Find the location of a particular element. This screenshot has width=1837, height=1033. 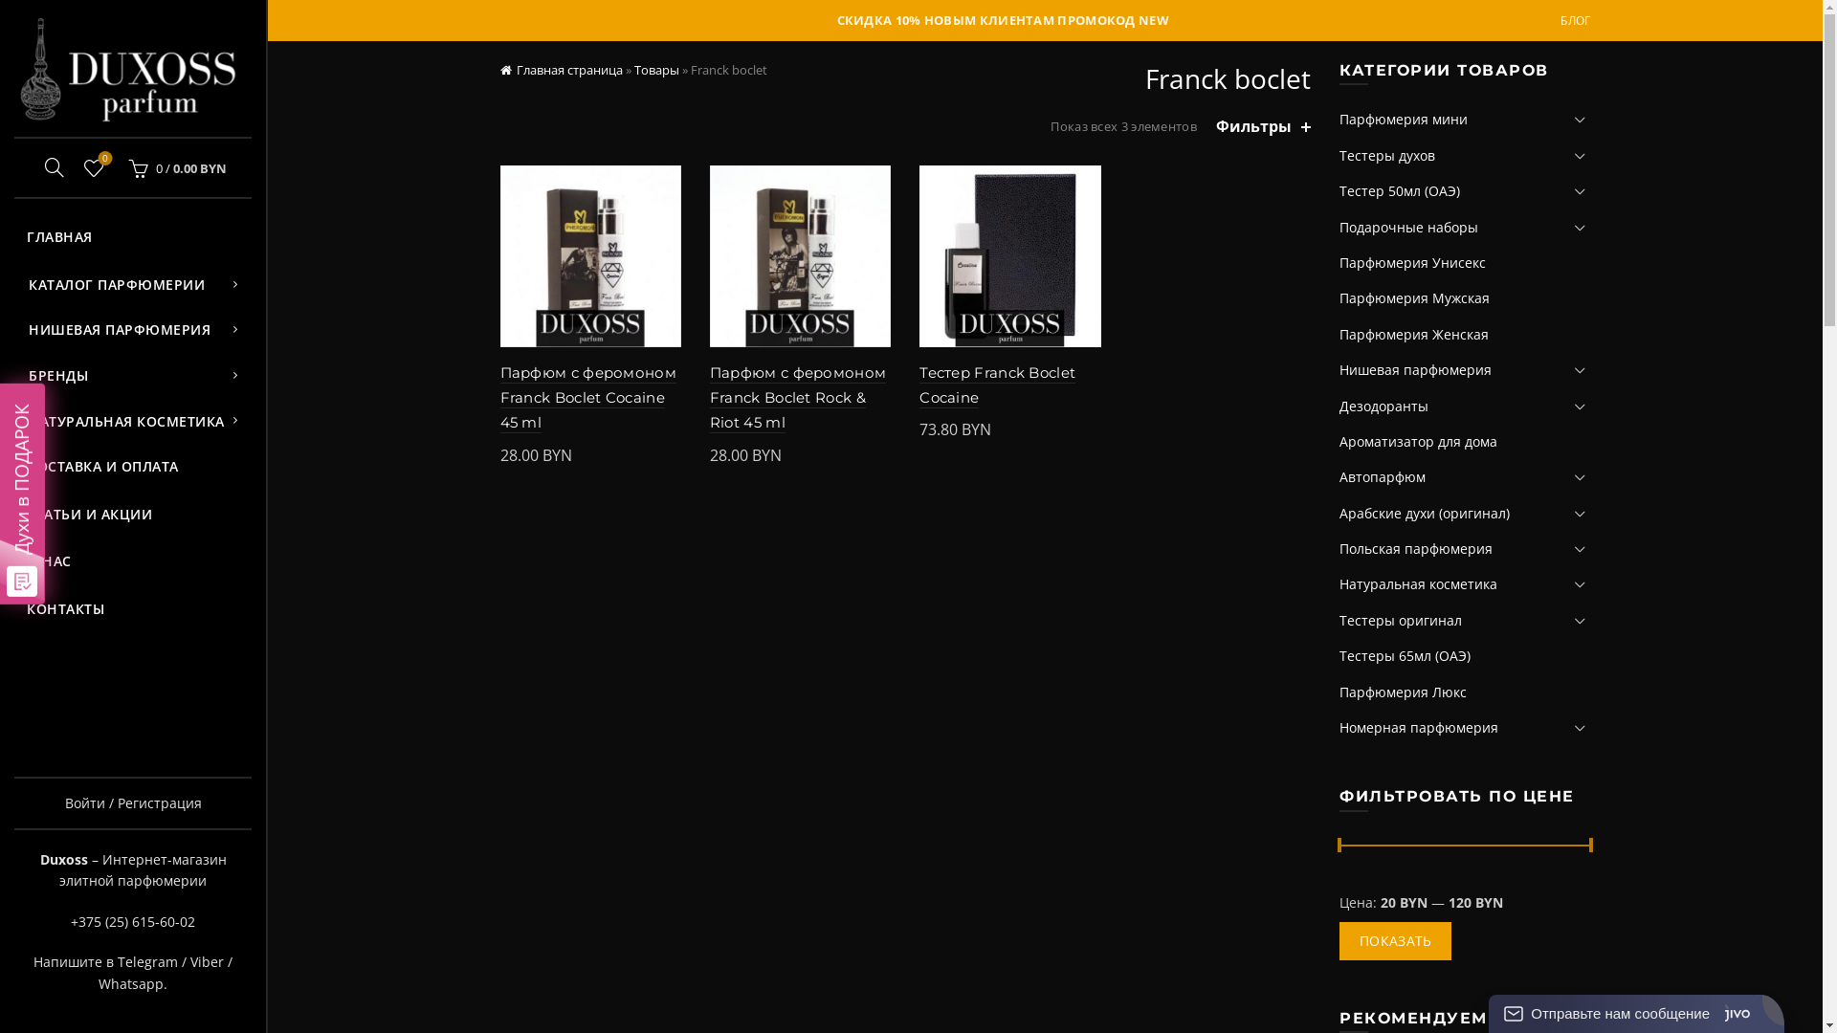

'+375 (25) 615-60-02' is located at coordinates (132, 920).